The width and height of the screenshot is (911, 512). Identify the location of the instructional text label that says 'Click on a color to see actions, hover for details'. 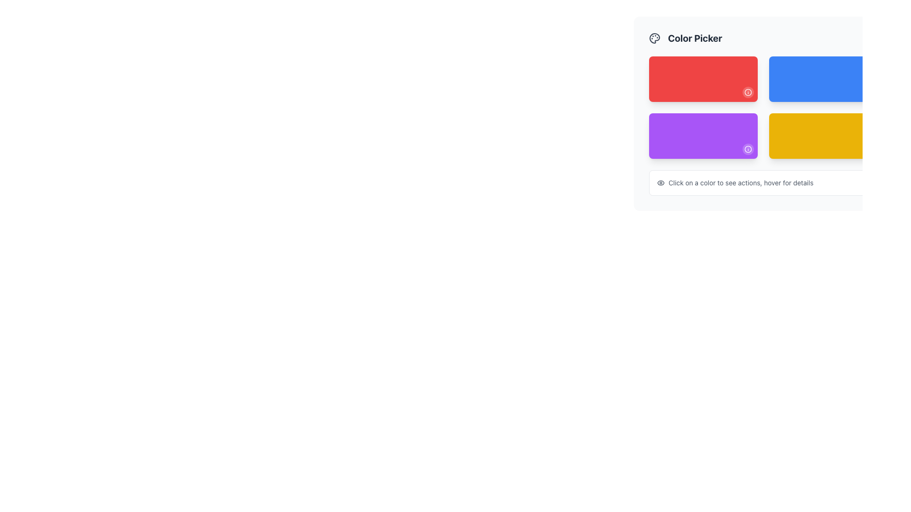
(740, 183).